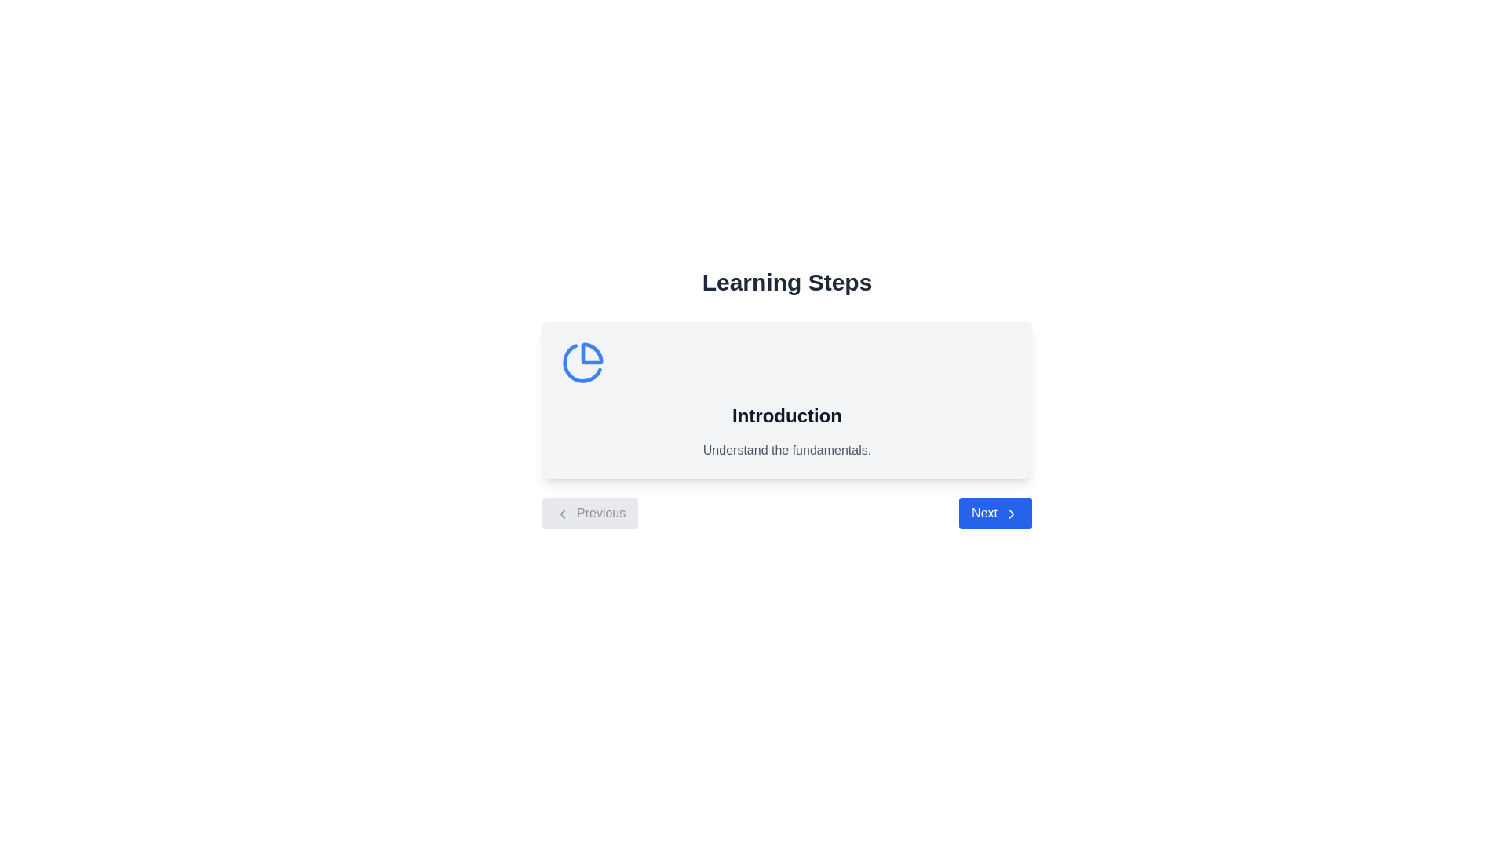 The image size is (1507, 848). What do you see at coordinates (1012, 514) in the screenshot?
I see `the 'Next' button which contains a chevron arrow icon, located in the bottom-right corner of the interface, to trigger navigation to the next step or page` at bounding box center [1012, 514].